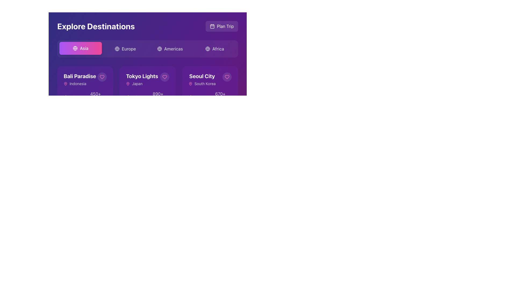 The width and height of the screenshot is (516, 290). What do you see at coordinates (137, 84) in the screenshot?
I see `the static text element displaying the word 'Japan', which is styled in a small, light gray font and positioned next to a pink pinpoint icon, located below the 'Tokyo Lights' label in the second card of a horizontally-aligned set of cards` at bounding box center [137, 84].